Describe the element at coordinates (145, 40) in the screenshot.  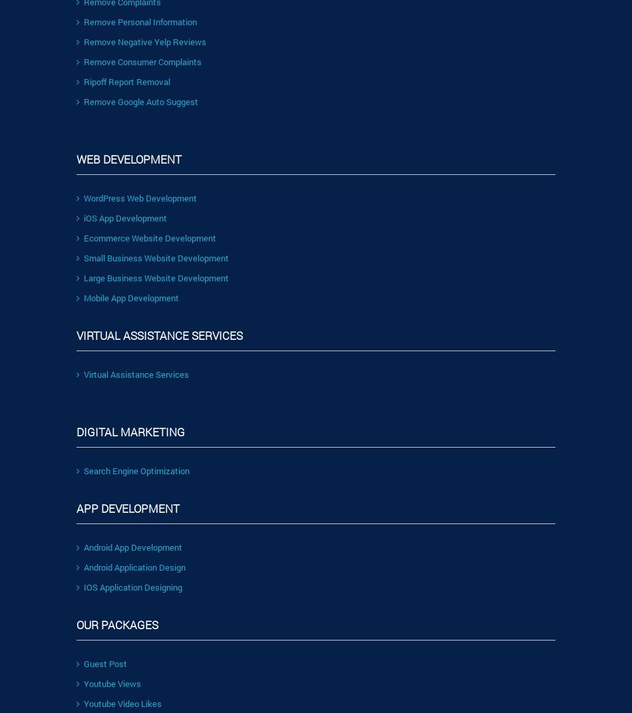
I see `'Remove Negative Yelp Reviews'` at that location.